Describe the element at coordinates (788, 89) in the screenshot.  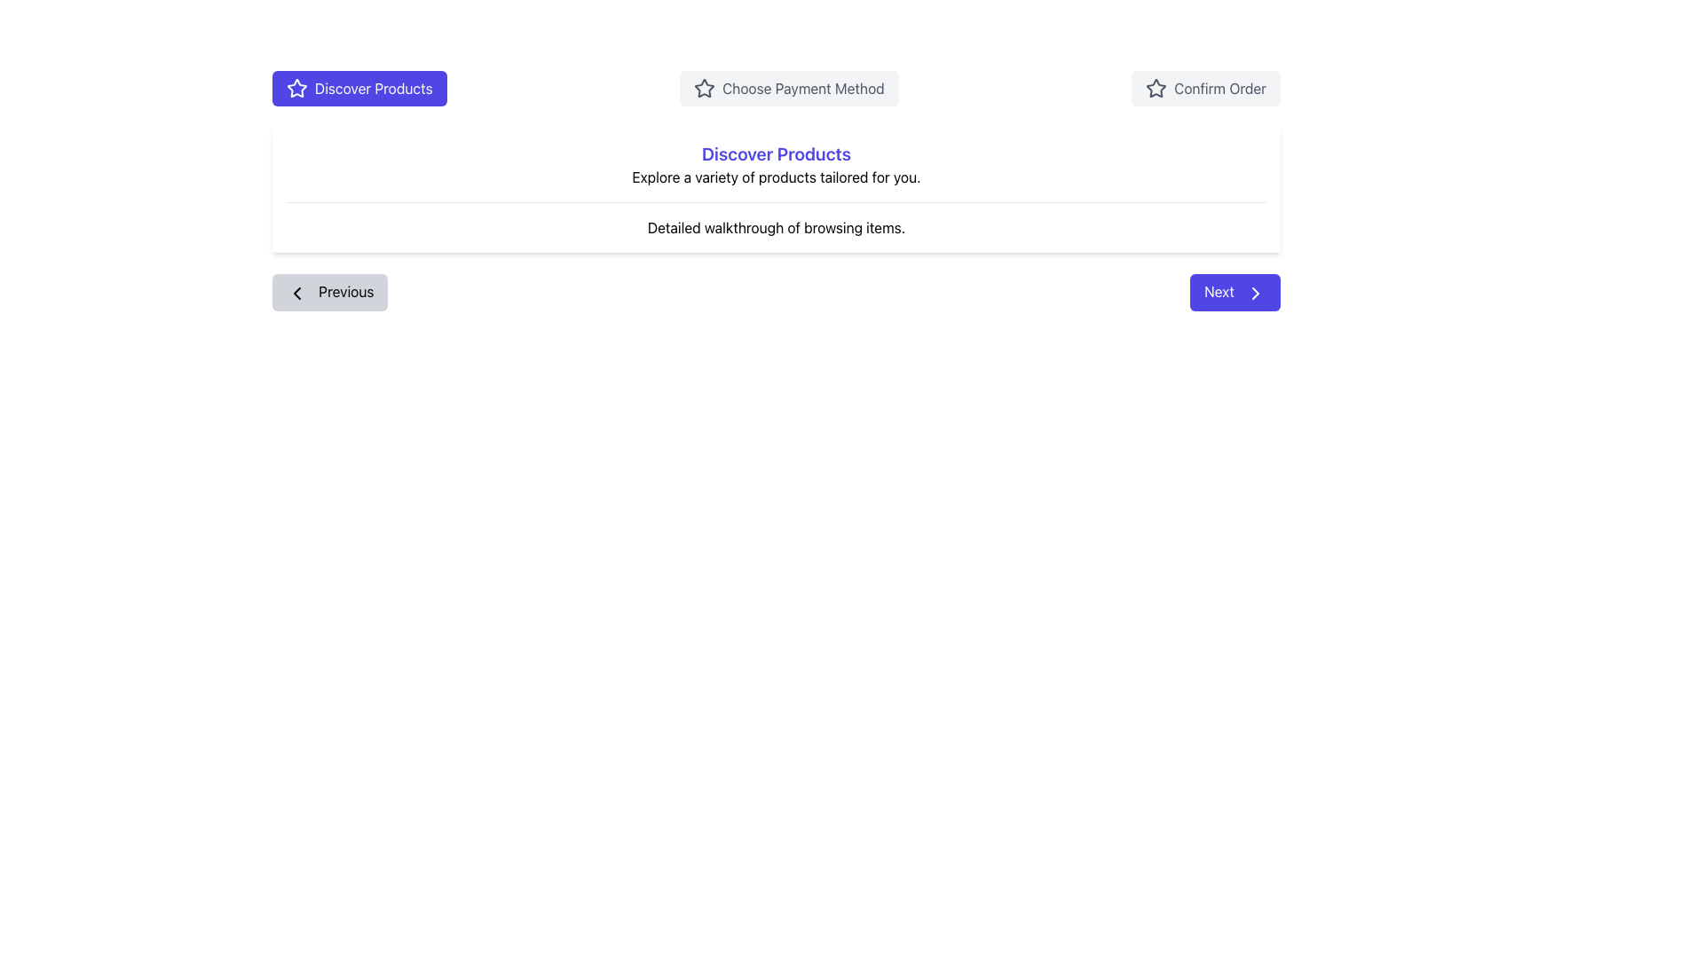
I see `the 'Choose Payment Method' button with gray text and a star icon for keyboard navigation` at that location.